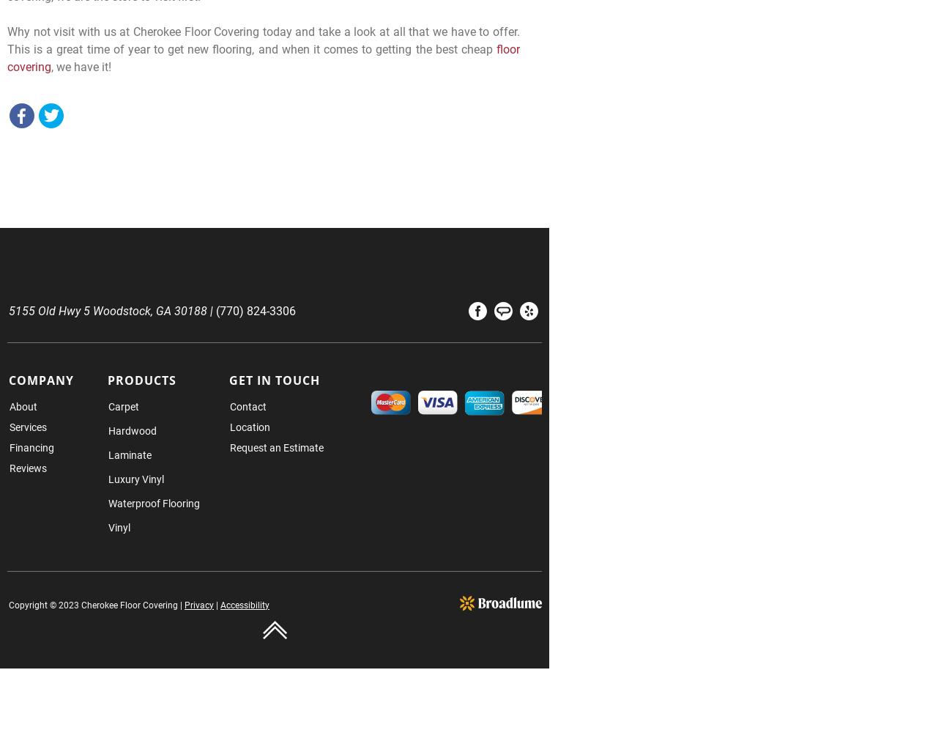 The height and width of the screenshot is (733, 952). I want to click on '5155 Old Hwy 5 Woodstock, GA 30188 |', so click(7, 311).